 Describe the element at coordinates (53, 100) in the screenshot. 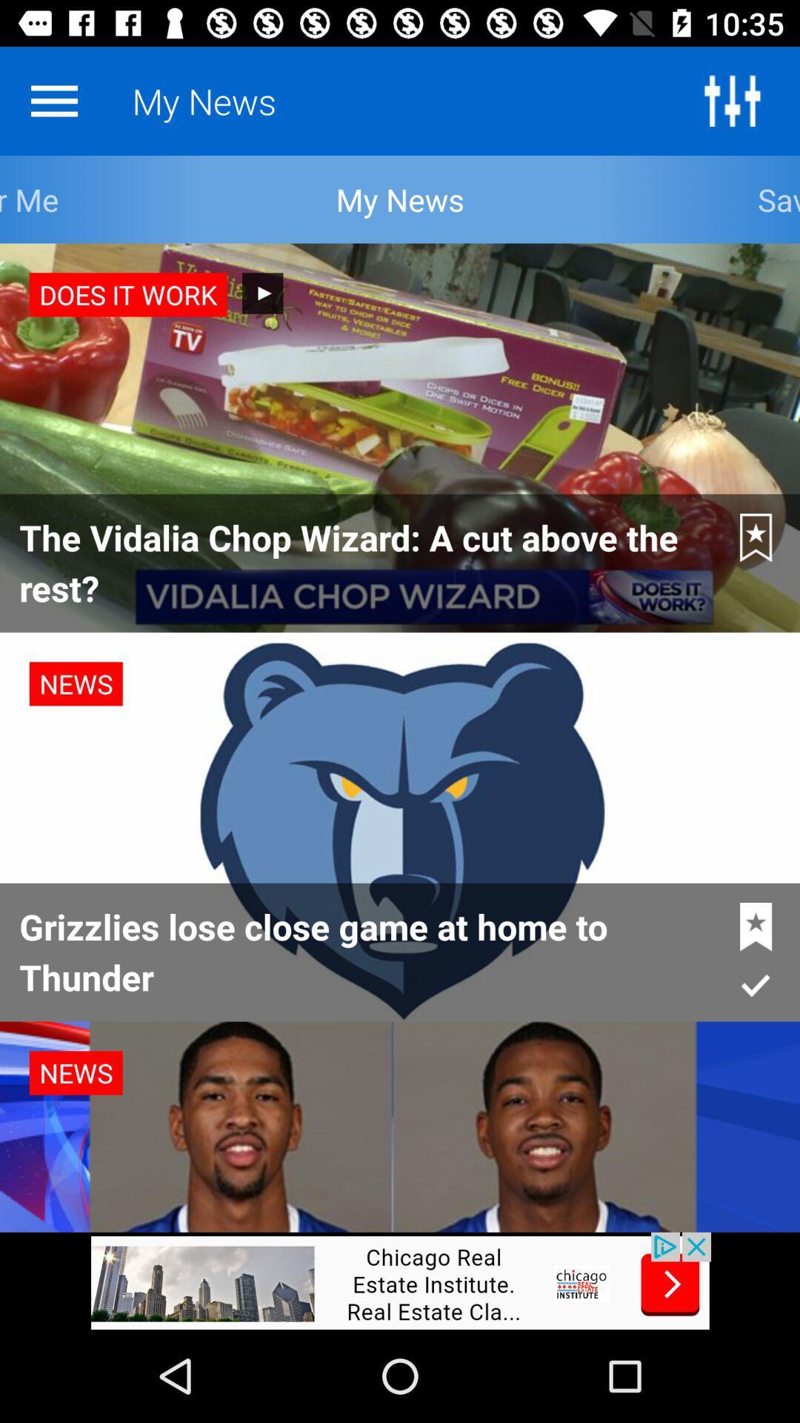

I see `the menu icon` at that location.